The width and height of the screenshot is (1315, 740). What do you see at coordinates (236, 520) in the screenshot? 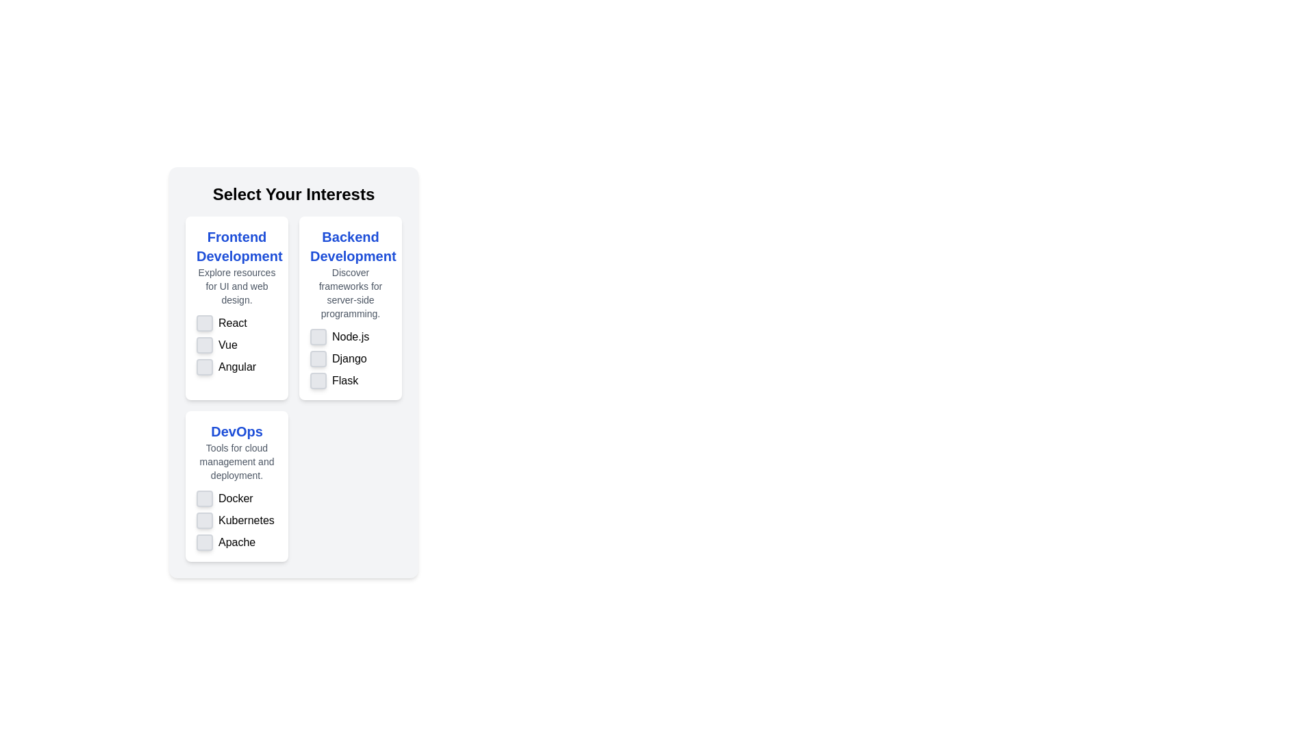
I see `the Multi-choice list with checkboxes in the 'DevOps' section` at bounding box center [236, 520].